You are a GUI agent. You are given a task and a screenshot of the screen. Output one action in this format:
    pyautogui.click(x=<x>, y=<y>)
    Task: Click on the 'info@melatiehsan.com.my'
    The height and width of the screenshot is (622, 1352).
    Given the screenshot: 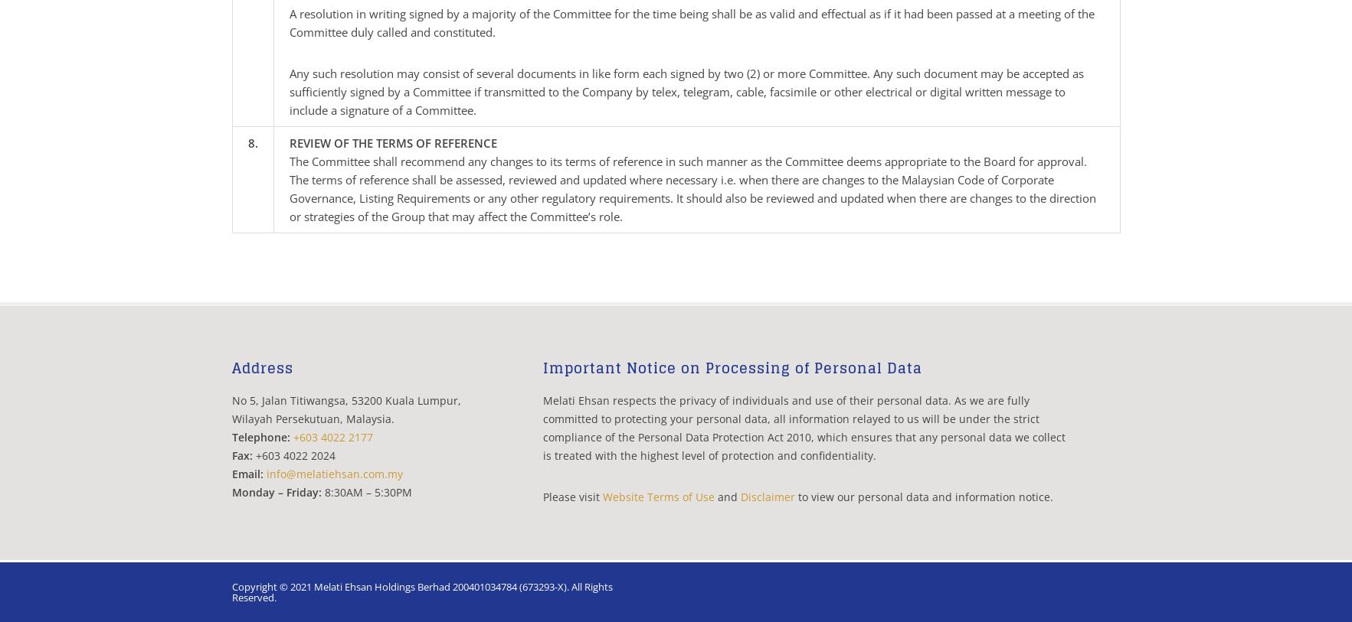 What is the action you would take?
    pyautogui.click(x=332, y=474)
    